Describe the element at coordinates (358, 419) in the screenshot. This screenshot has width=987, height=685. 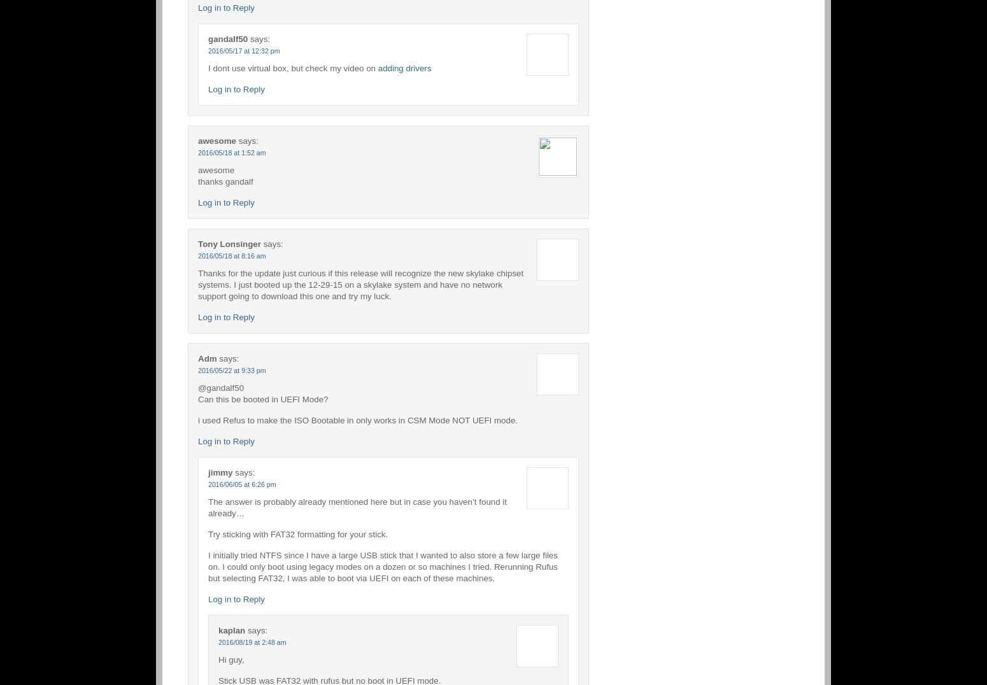
I see `'i used Refus to make the ISO Bootable in only works in CSM Mode NOT UEFI mode.'` at that location.